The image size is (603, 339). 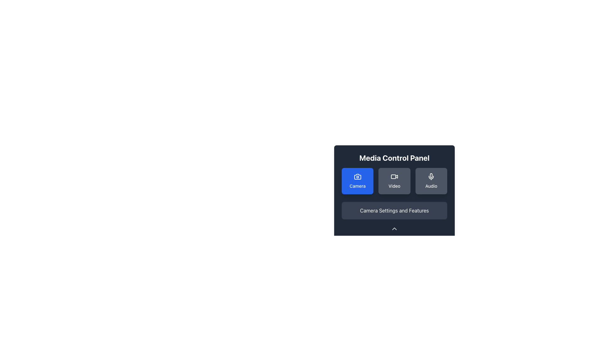 I want to click on the video icon located in the 'Video' card, which is positioned in the upper-center of a group of three similar cards, so click(x=394, y=177).